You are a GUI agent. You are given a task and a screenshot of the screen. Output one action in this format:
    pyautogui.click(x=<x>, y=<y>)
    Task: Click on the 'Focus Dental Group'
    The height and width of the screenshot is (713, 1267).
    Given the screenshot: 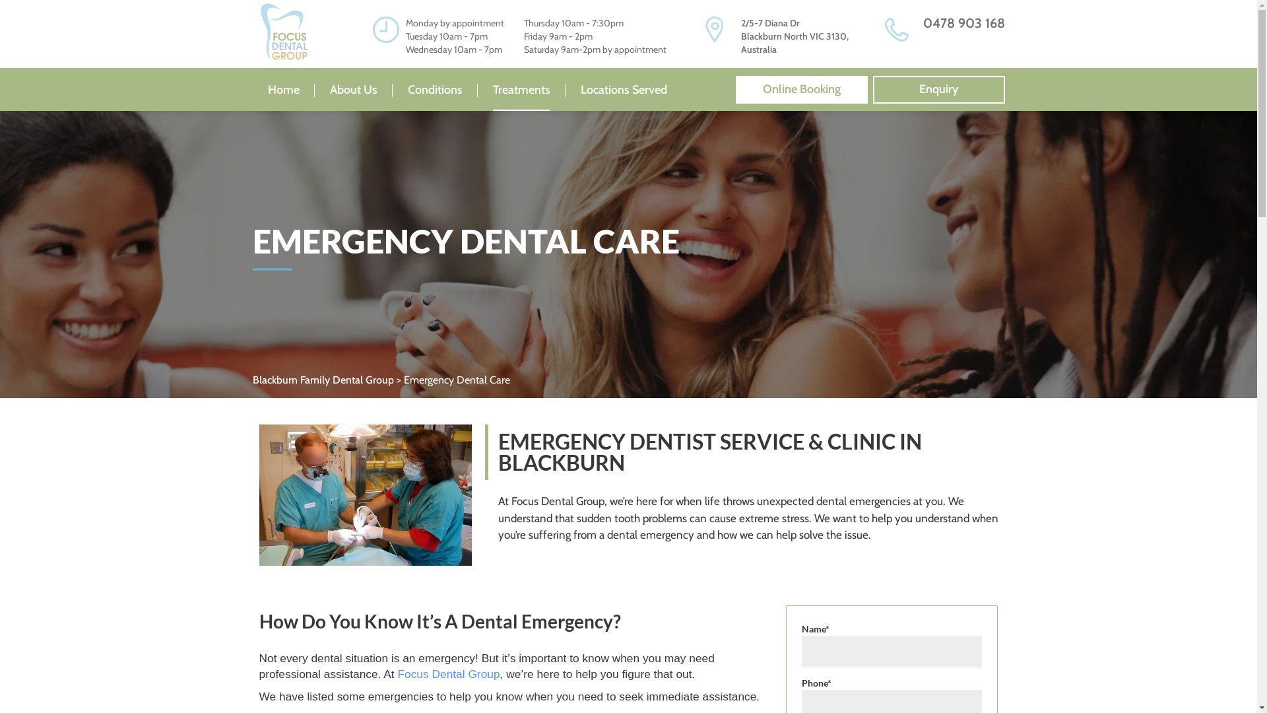 What is the action you would take?
    pyautogui.click(x=448, y=674)
    